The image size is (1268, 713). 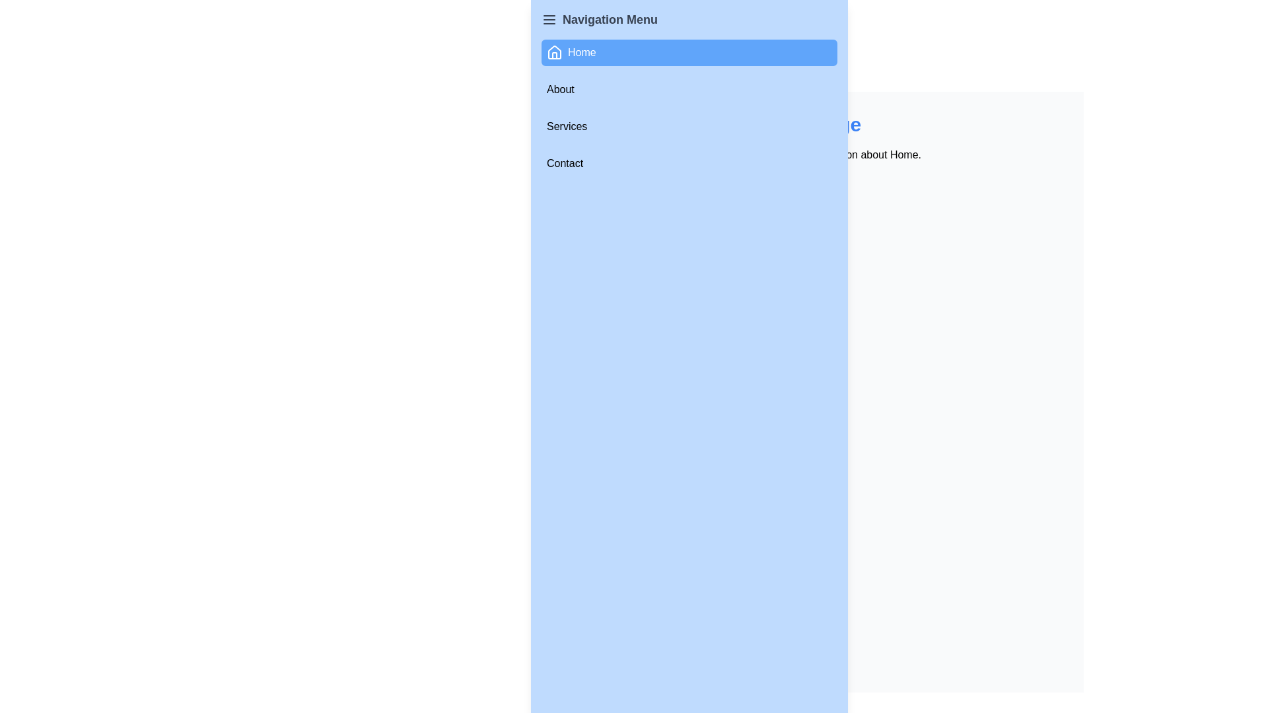 What do you see at coordinates (555, 52) in the screenshot?
I see `the 'Home' icon in the top-left side navigation panel, which serves as a visual indicator for the main page of the application` at bounding box center [555, 52].